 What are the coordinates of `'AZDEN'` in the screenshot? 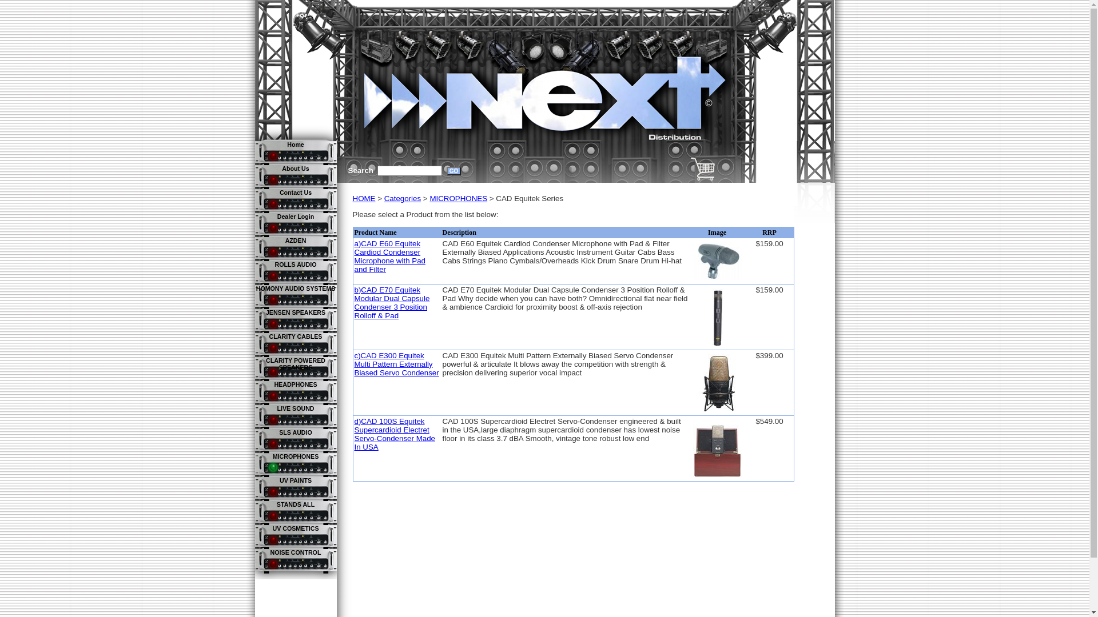 It's located at (296, 239).